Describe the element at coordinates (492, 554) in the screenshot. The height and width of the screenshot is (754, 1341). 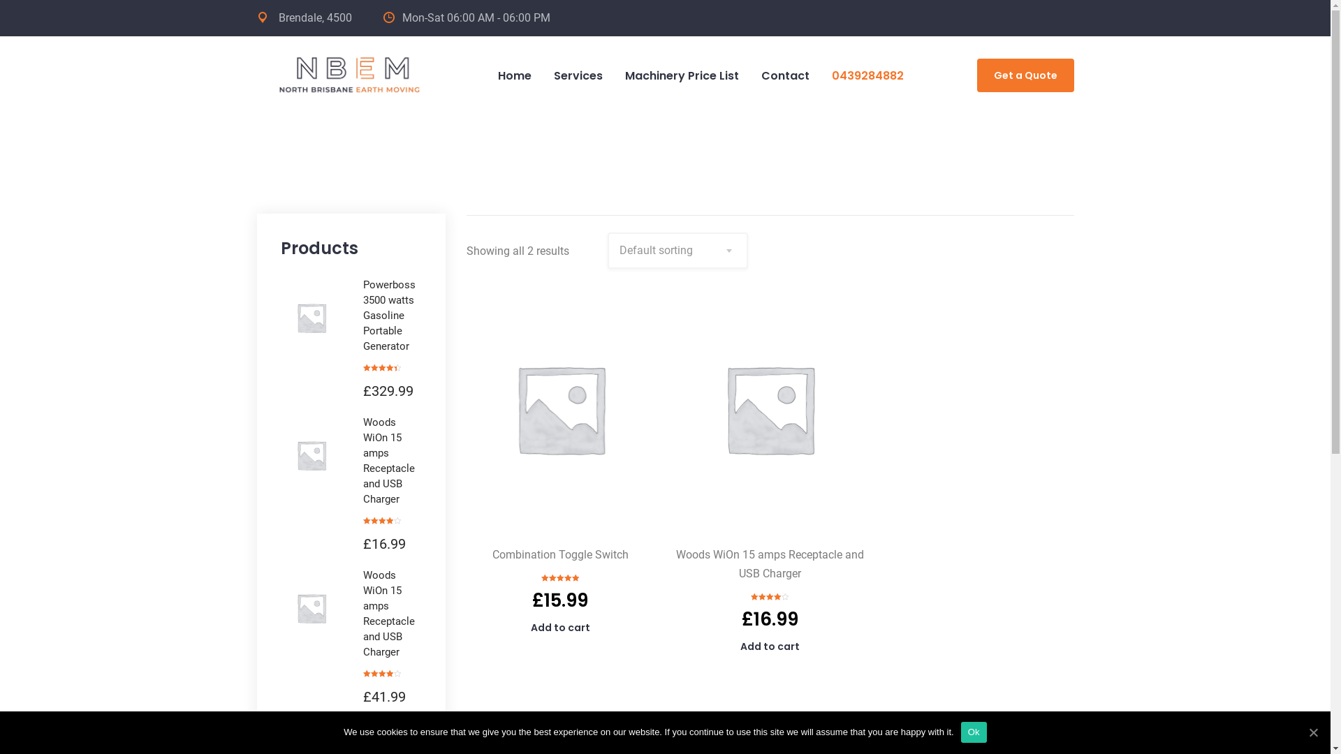
I see `'Combination Toggle Switch'` at that location.